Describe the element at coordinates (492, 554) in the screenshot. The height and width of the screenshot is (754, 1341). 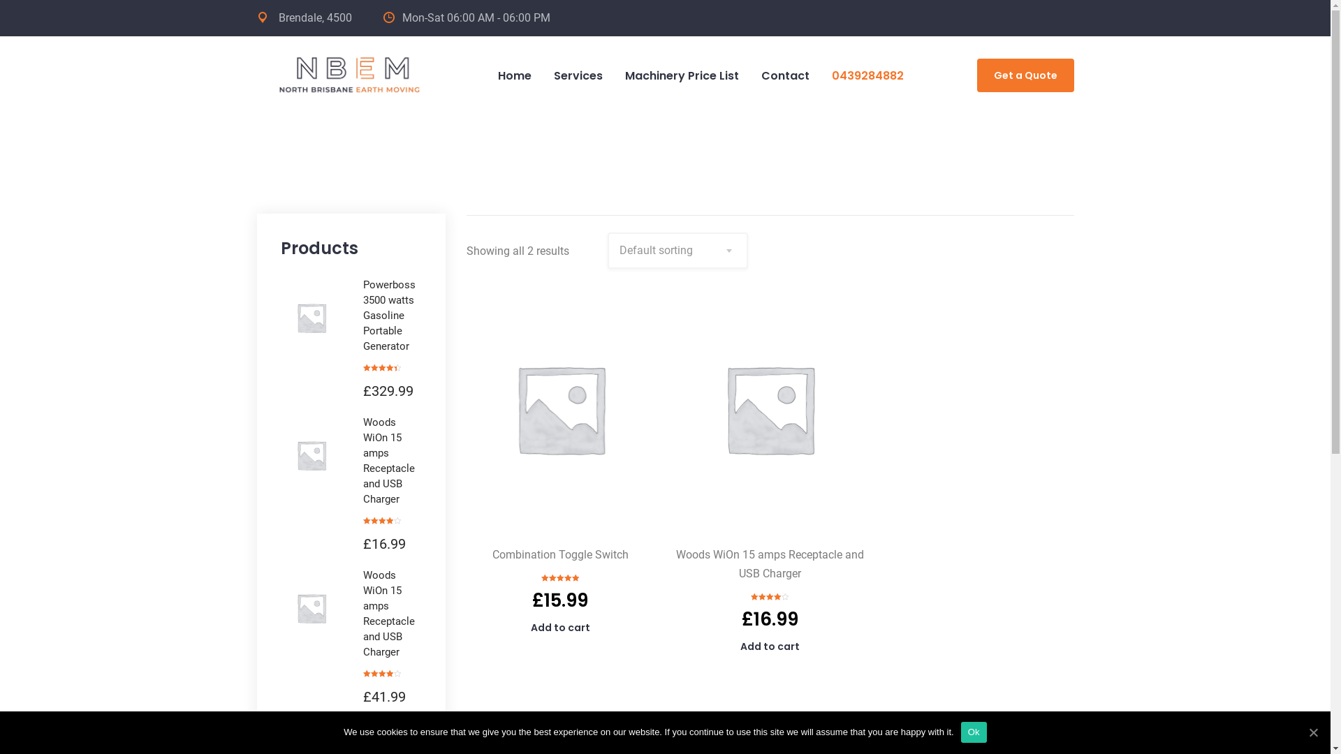
I see `'Combination Toggle Switch'` at that location.